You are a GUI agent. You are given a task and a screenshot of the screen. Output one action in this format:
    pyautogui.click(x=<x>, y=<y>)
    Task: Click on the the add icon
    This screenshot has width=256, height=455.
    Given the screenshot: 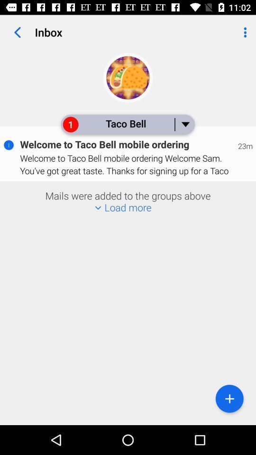 What is the action you would take?
    pyautogui.click(x=229, y=426)
    